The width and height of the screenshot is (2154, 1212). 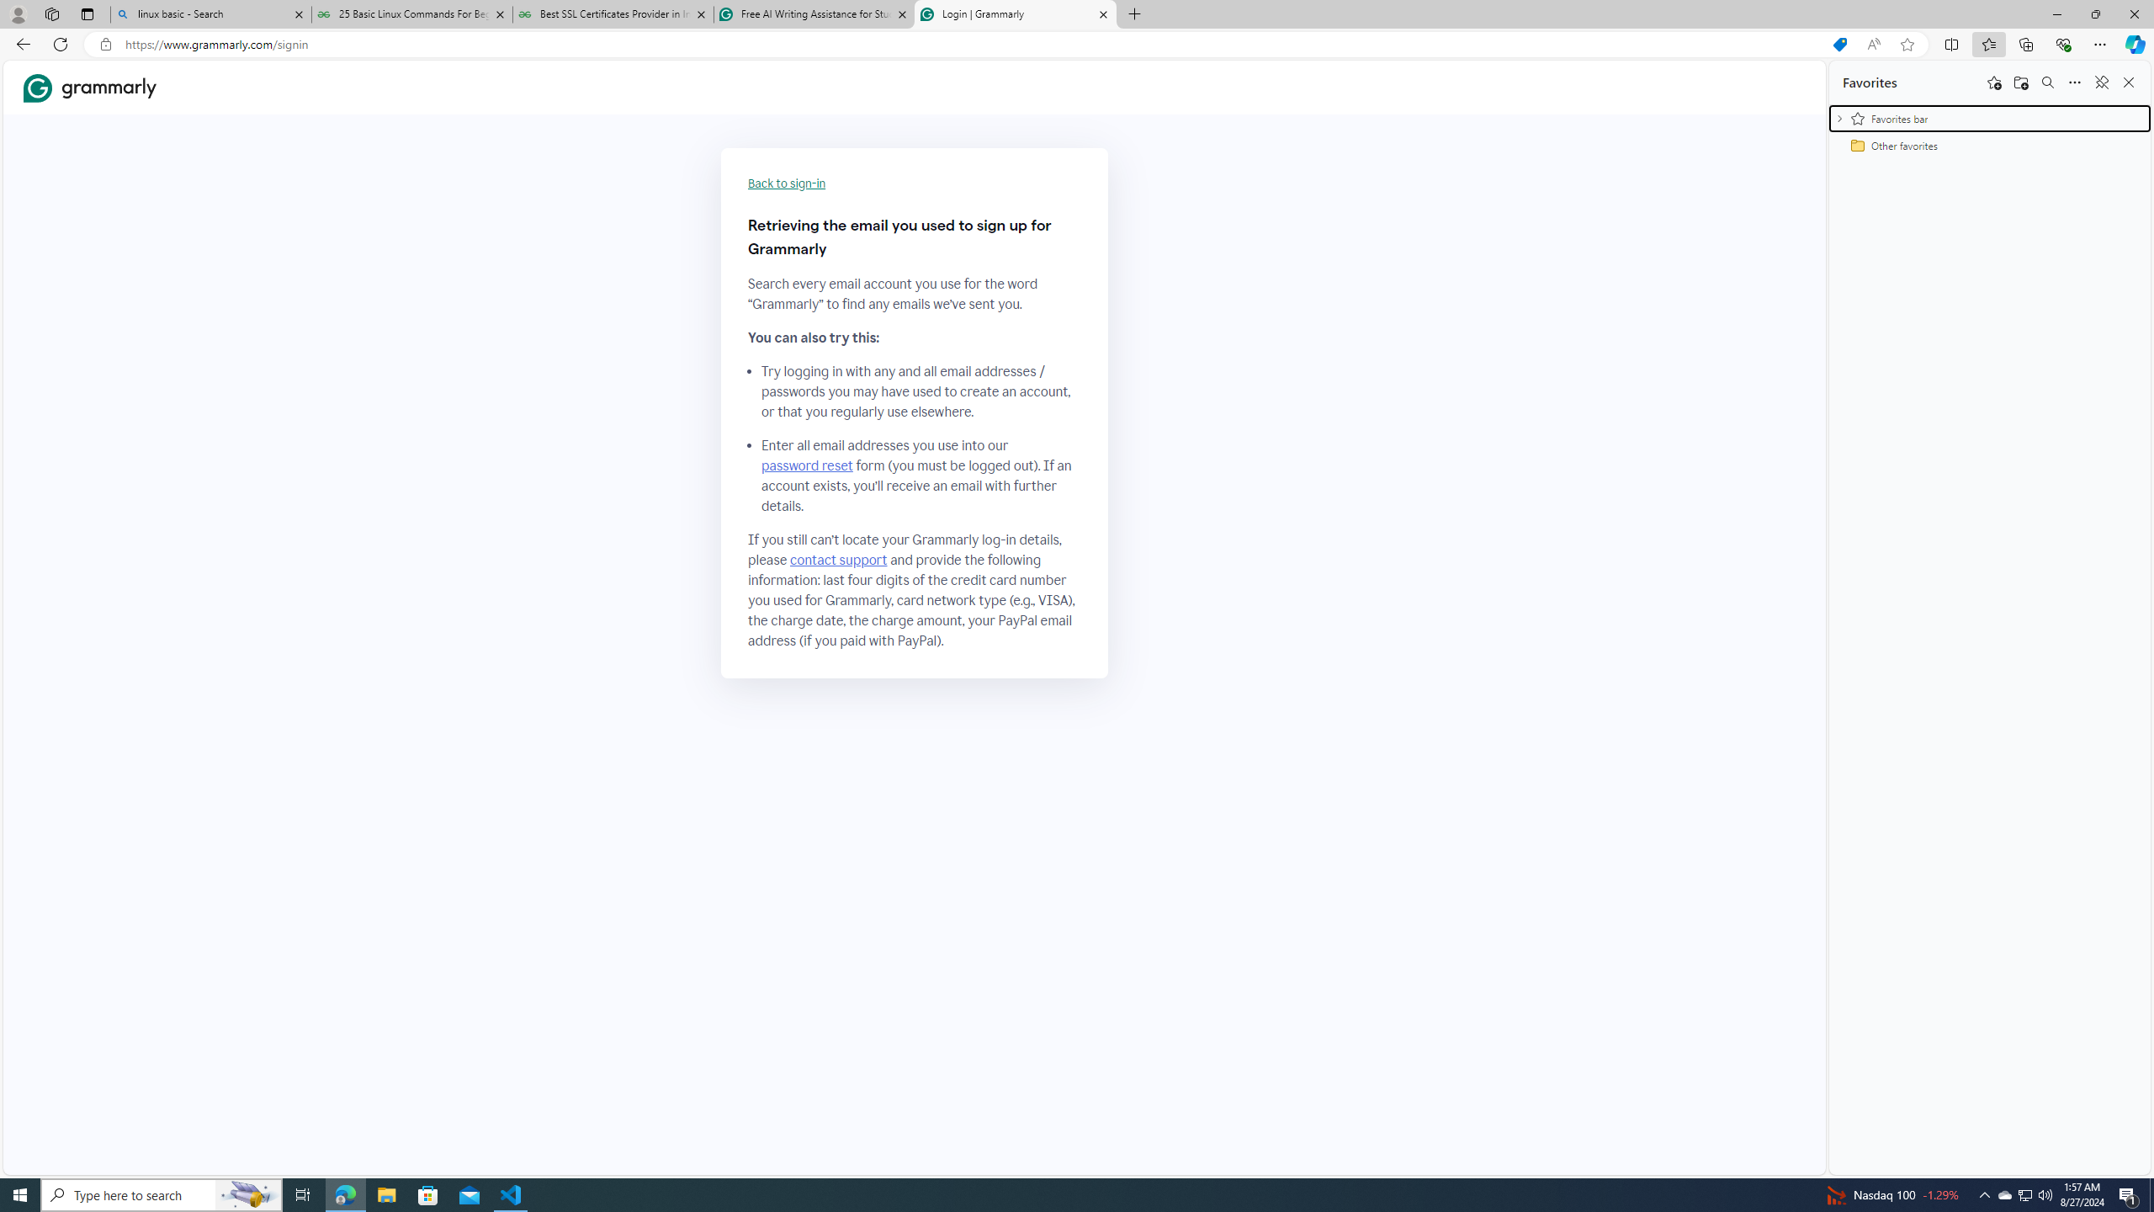 What do you see at coordinates (838, 561) in the screenshot?
I see `'contact support'` at bounding box center [838, 561].